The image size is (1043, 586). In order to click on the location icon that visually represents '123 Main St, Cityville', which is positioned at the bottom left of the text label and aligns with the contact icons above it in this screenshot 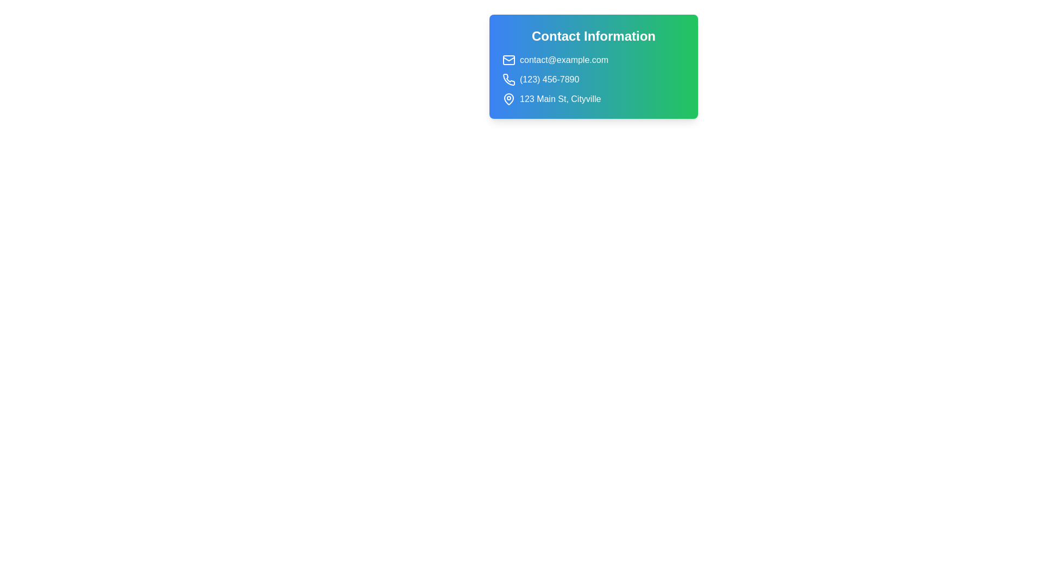, I will do `click(508, 98)`.